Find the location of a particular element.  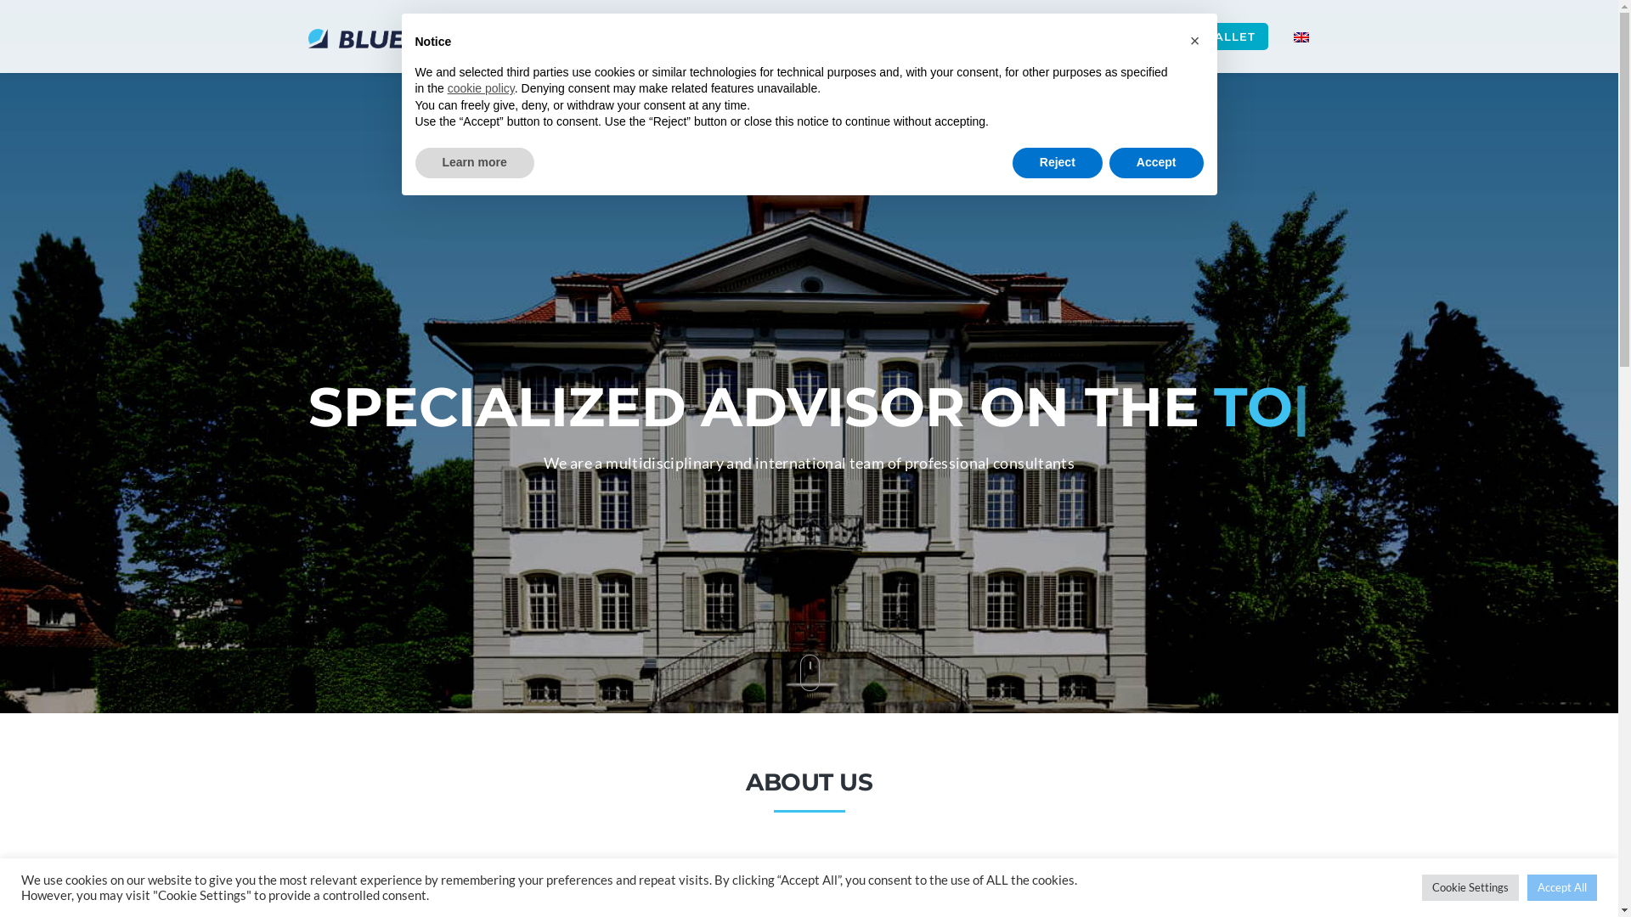

'Learn more' is located at coordinates (473, 163).